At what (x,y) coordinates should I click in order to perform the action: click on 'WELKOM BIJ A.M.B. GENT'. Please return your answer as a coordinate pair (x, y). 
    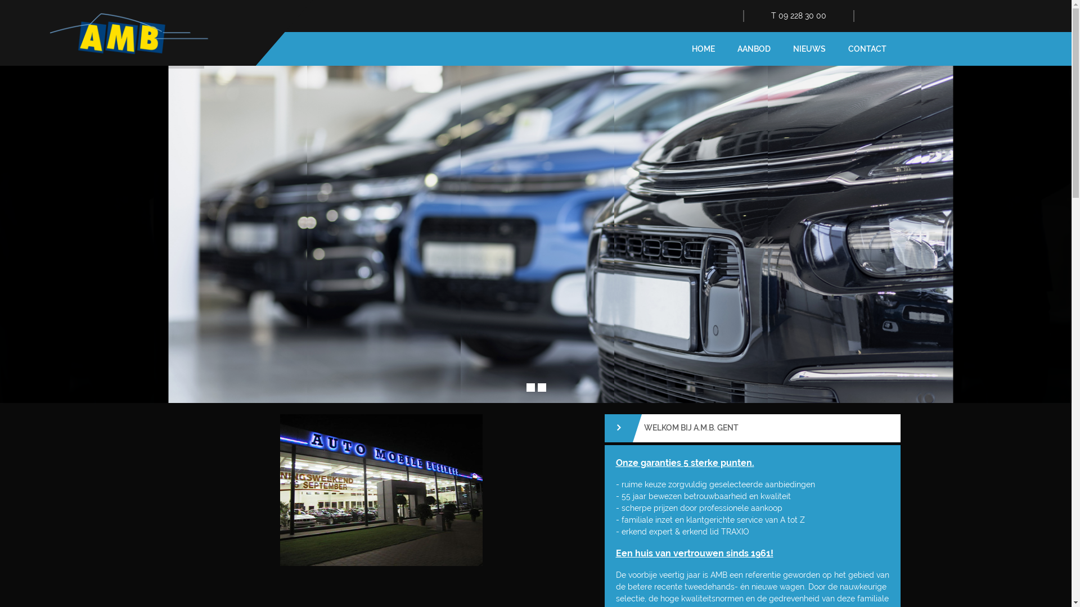
    Looking at the image, I should click on (752, 428).